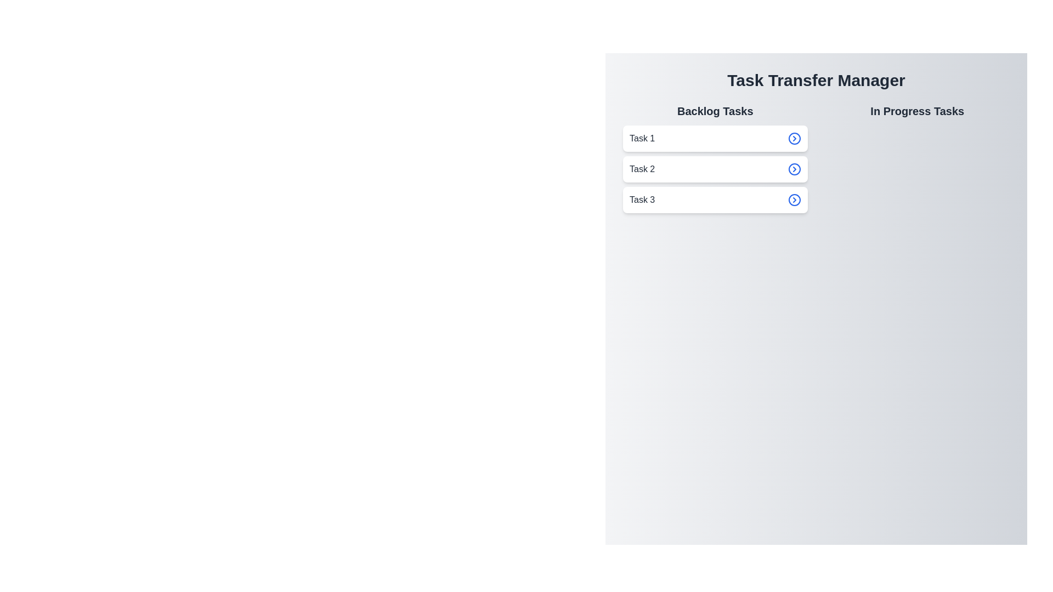  What do you see at coordinates (794, 138) in the screenshot?
I see `the chevron icon next to the task Task 1 to move it to In Progress` at bounding box center [794, 138].